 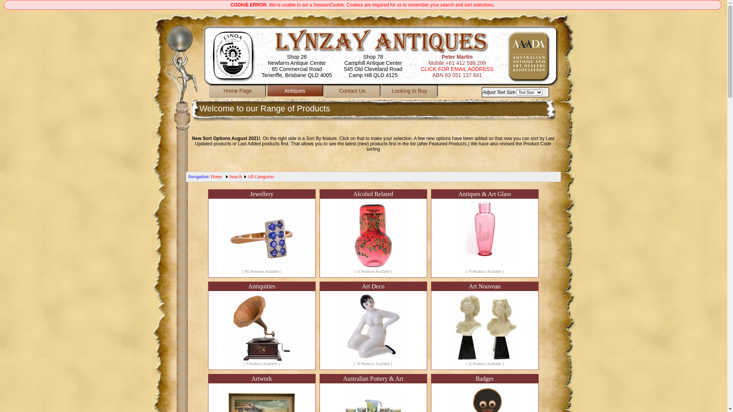 I want to click on 'Search', so click(x=229, y=176).